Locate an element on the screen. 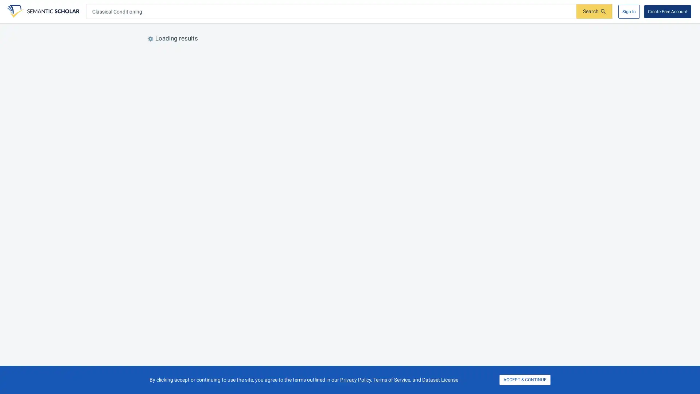  Expand truncated text is located at coordinates (405, 140).